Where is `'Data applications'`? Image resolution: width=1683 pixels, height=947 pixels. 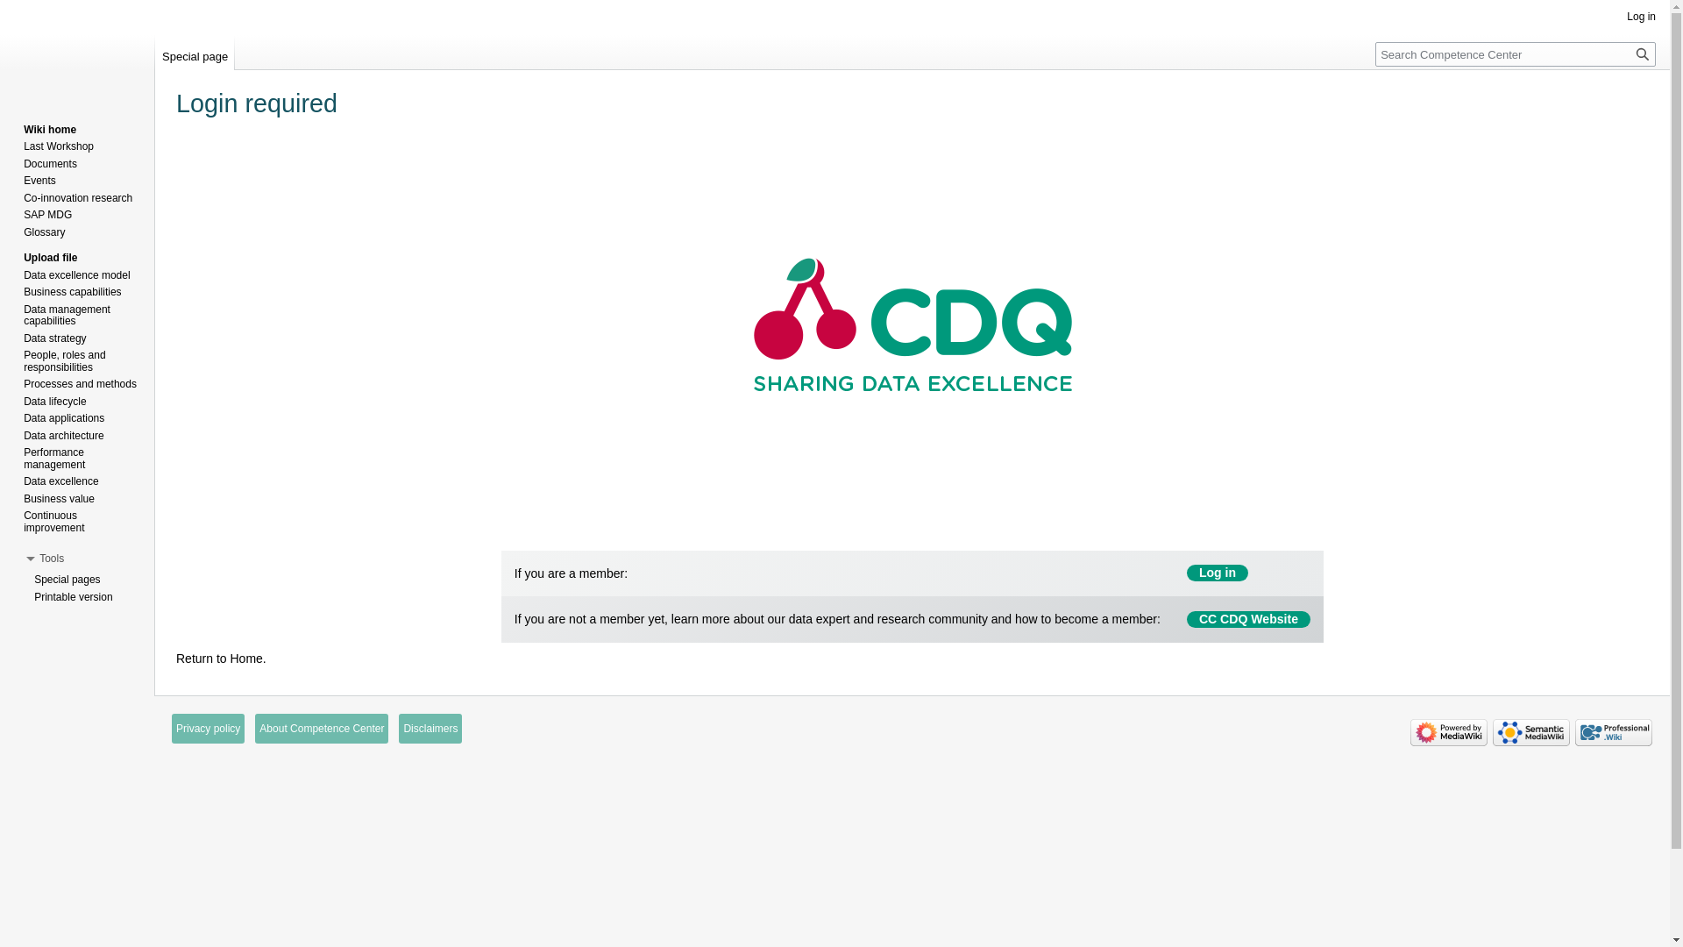 'Data applications' is located at coordinates (63, 418).